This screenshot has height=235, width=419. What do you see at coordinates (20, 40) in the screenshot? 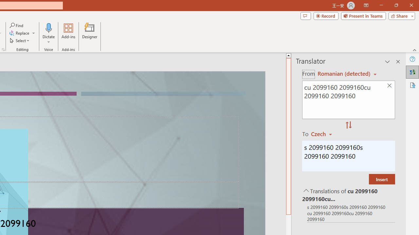
I see `'Select'` at bounding box center [20, 40].